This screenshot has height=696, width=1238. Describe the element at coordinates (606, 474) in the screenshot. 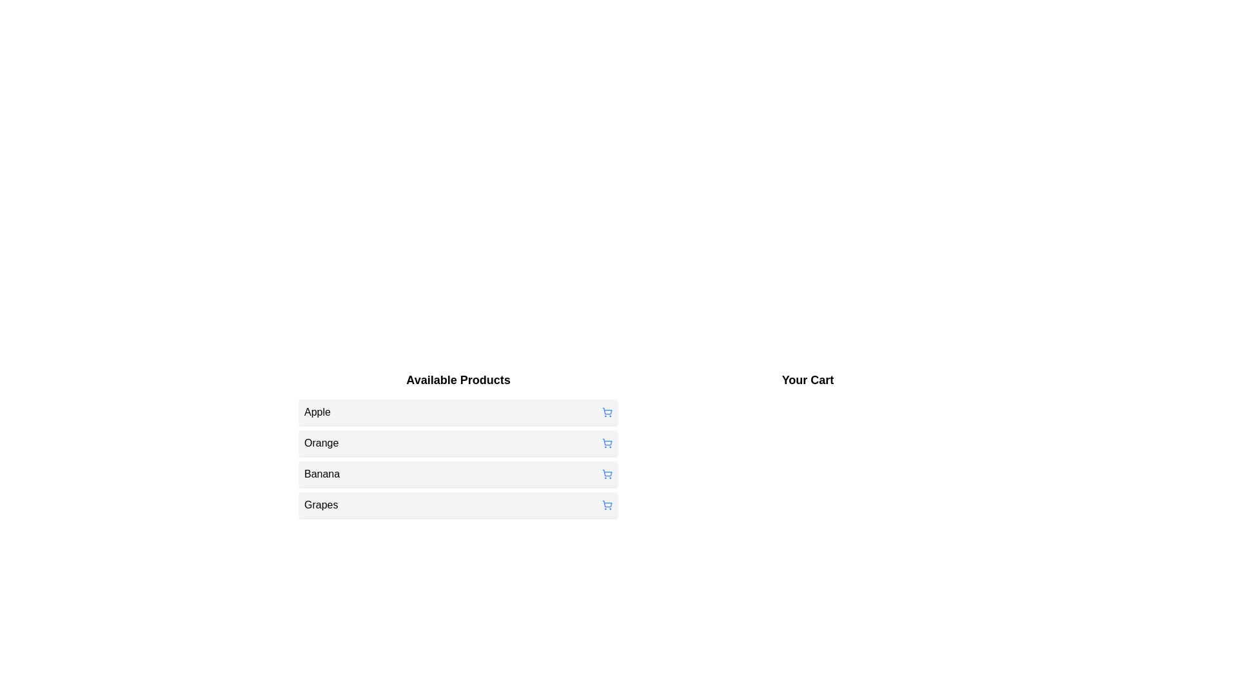

I see `the shopping cart icon next to the product Banana to add it to the cart` at that location.